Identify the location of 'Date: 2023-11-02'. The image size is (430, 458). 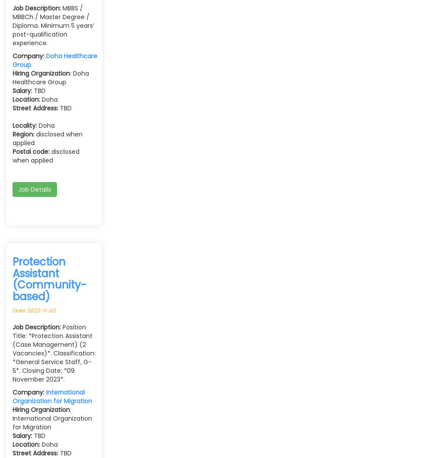
(34, 310).